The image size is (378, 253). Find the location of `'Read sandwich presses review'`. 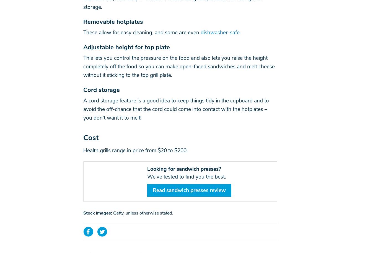

'Read sandwich presses review' is located at coordinates (189, 190).